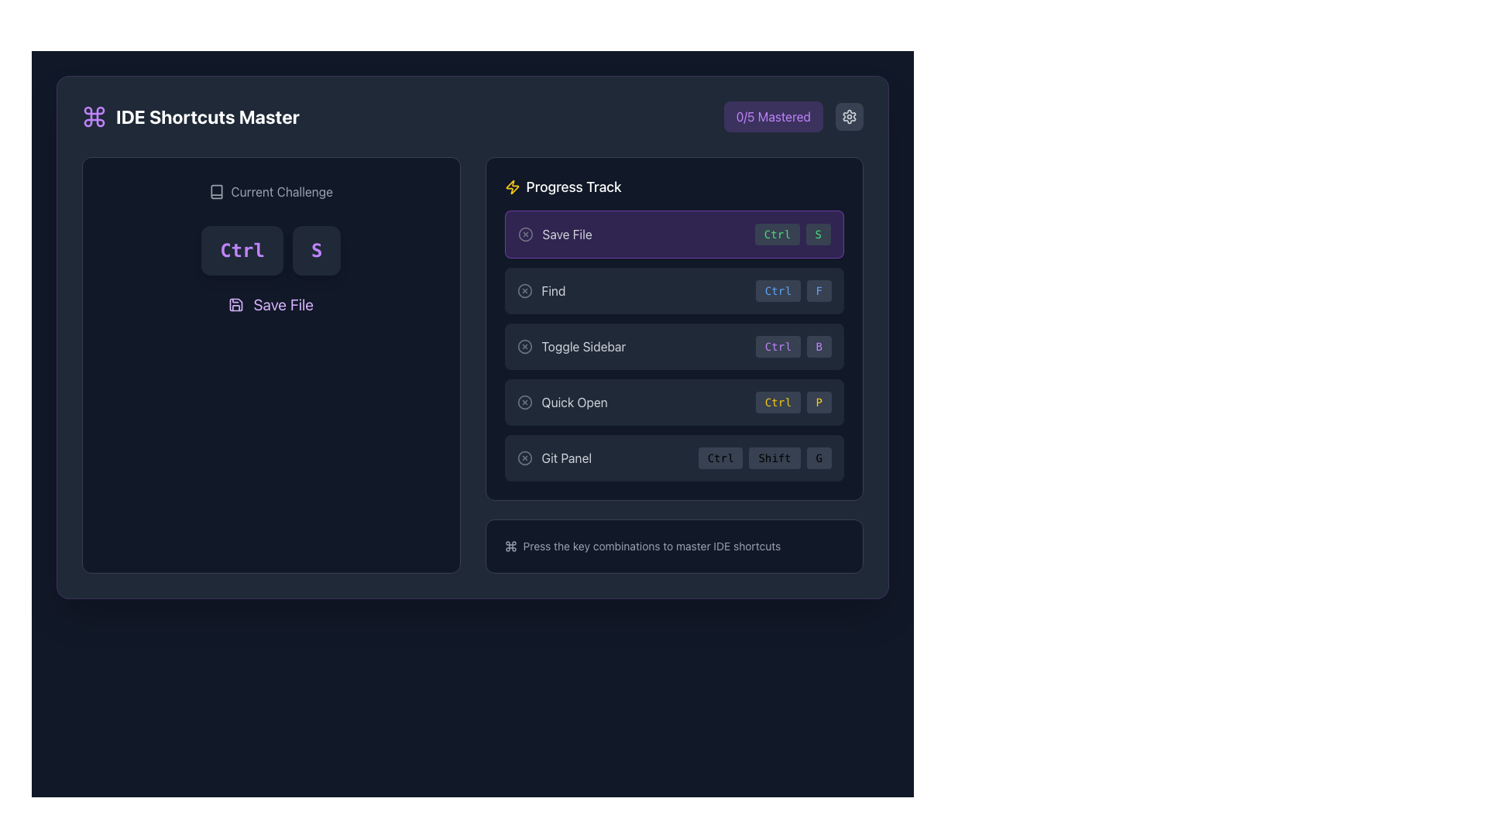  What do you see at coordinates (818, 345) in the screenshot?
I see `the rectangular button representing the keyboard shortcut key with a bold 'B' in purple on a dark gray background, located next to the 'Ctrl' button` at bounding box center [818, 345].